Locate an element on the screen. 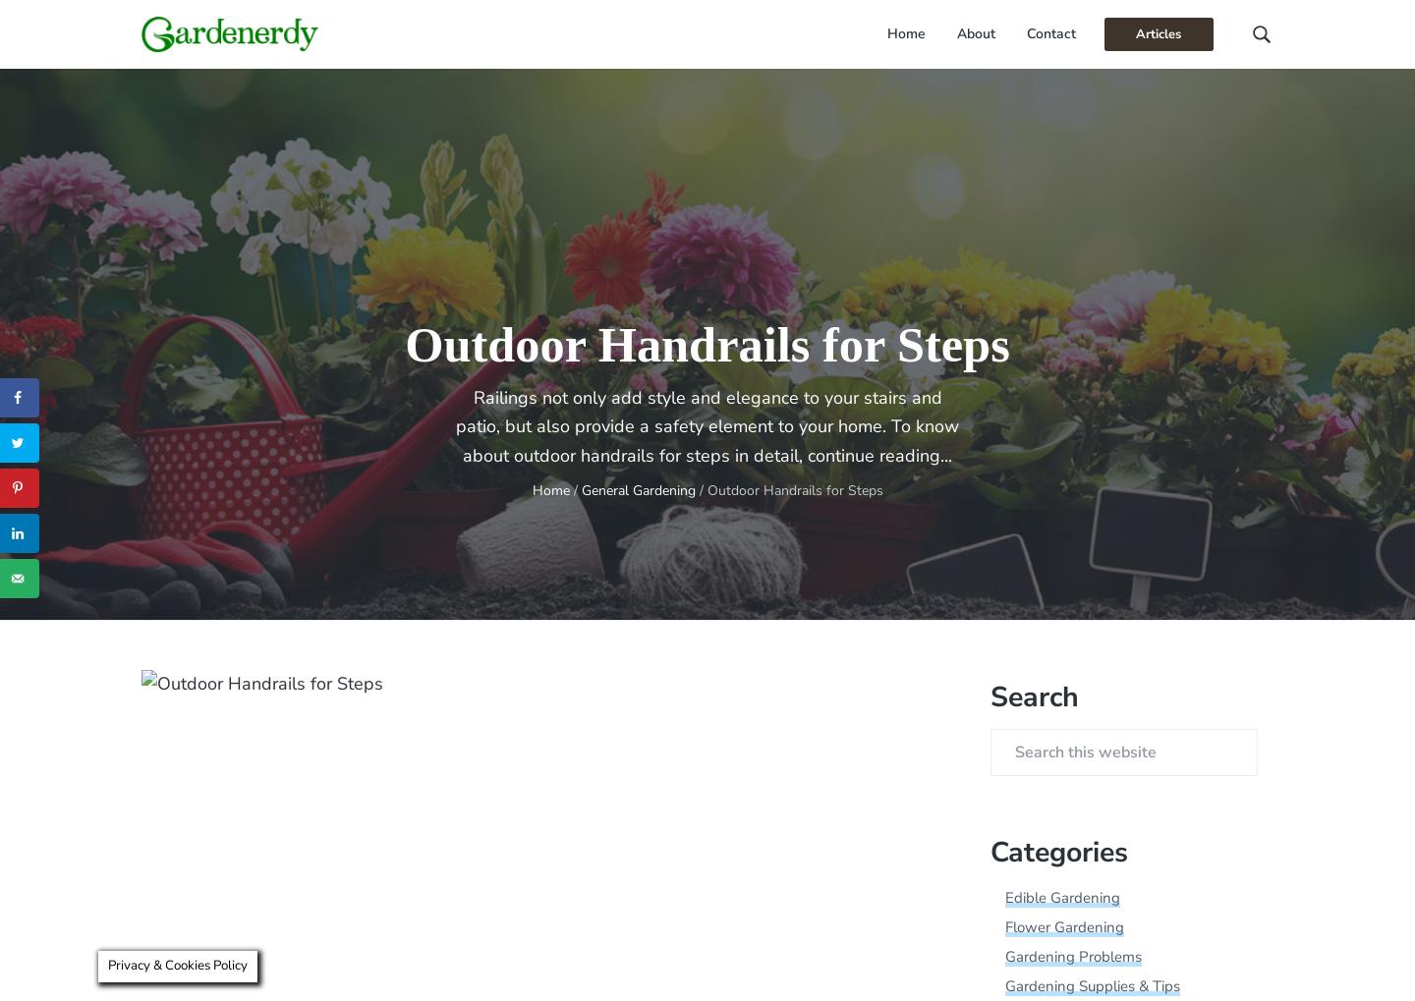 The image size is (1415, 1001). 'Privacy & Cookies Policy' is located at coordinates (178, 966).